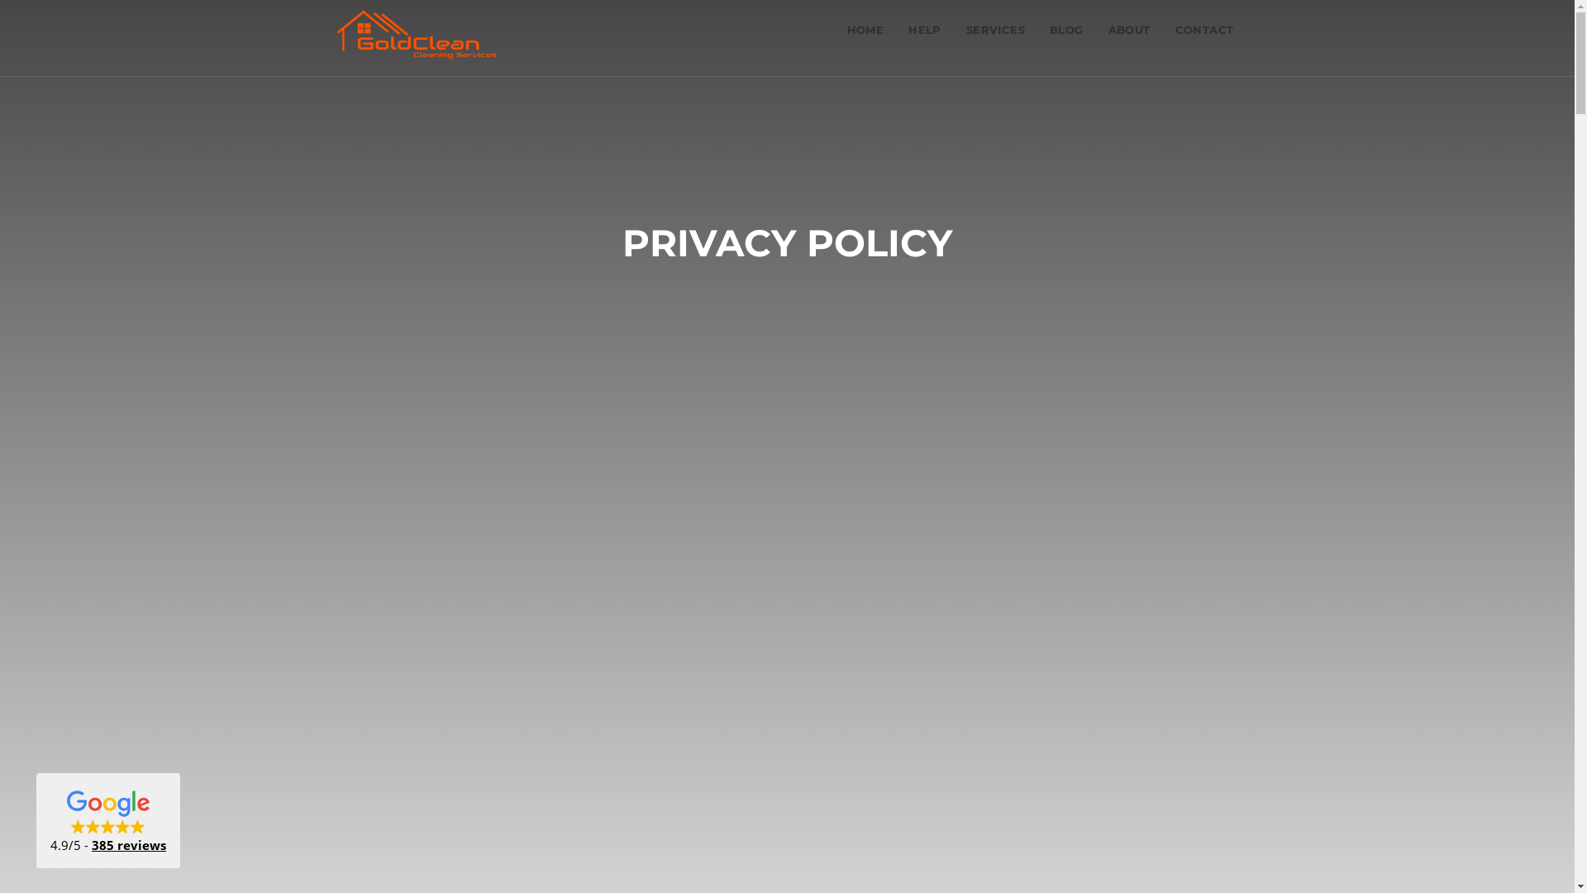 This screenshot has width=1587, height=893. Describe the element at coordinates (994, 30) in the screenshot. I see `'SERVICES'` at that location.